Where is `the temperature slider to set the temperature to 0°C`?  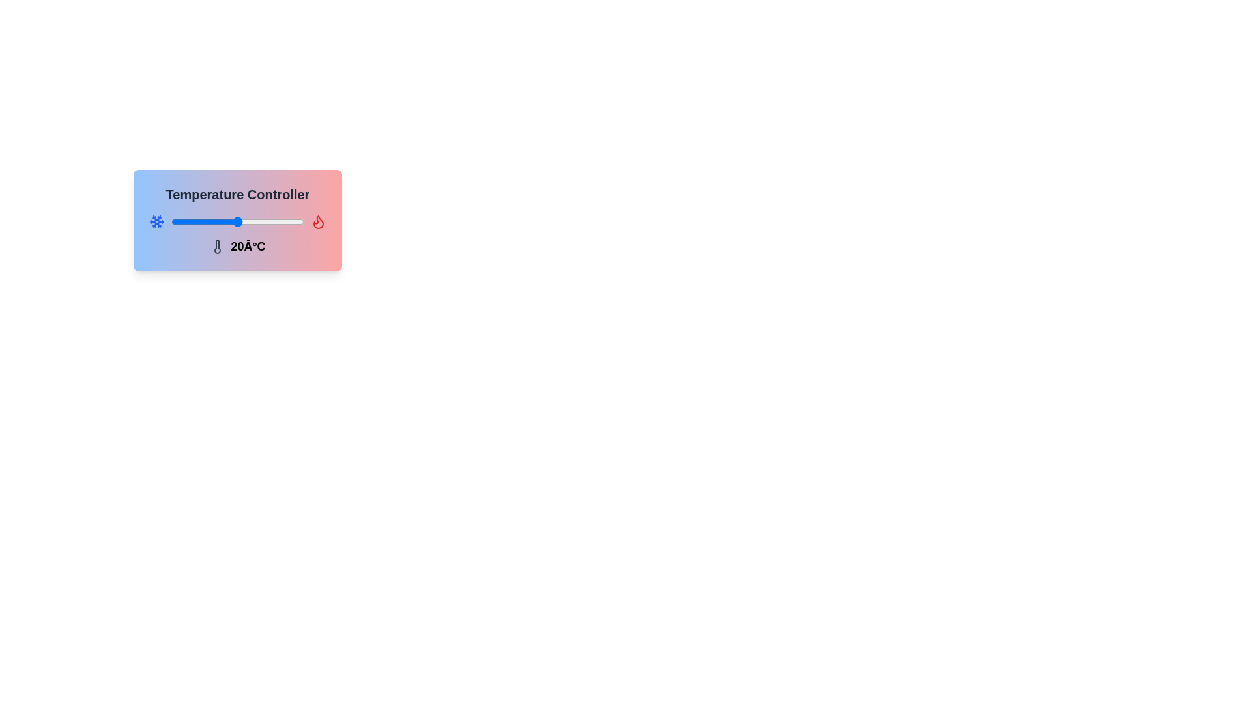 the temperature slider to set the temperature to 0°C is located at coordinates (193, 221).